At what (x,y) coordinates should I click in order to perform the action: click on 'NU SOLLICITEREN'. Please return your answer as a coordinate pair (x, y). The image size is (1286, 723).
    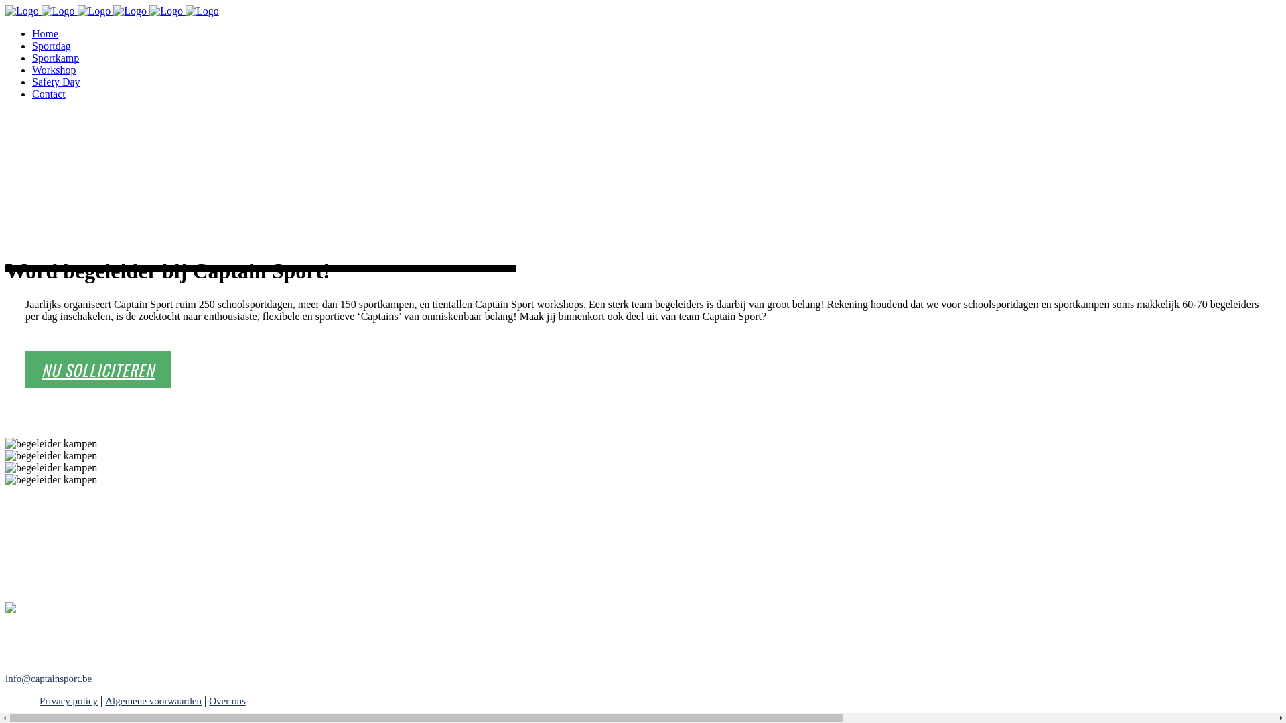
    Looking at the image, I should click on (97, 369).